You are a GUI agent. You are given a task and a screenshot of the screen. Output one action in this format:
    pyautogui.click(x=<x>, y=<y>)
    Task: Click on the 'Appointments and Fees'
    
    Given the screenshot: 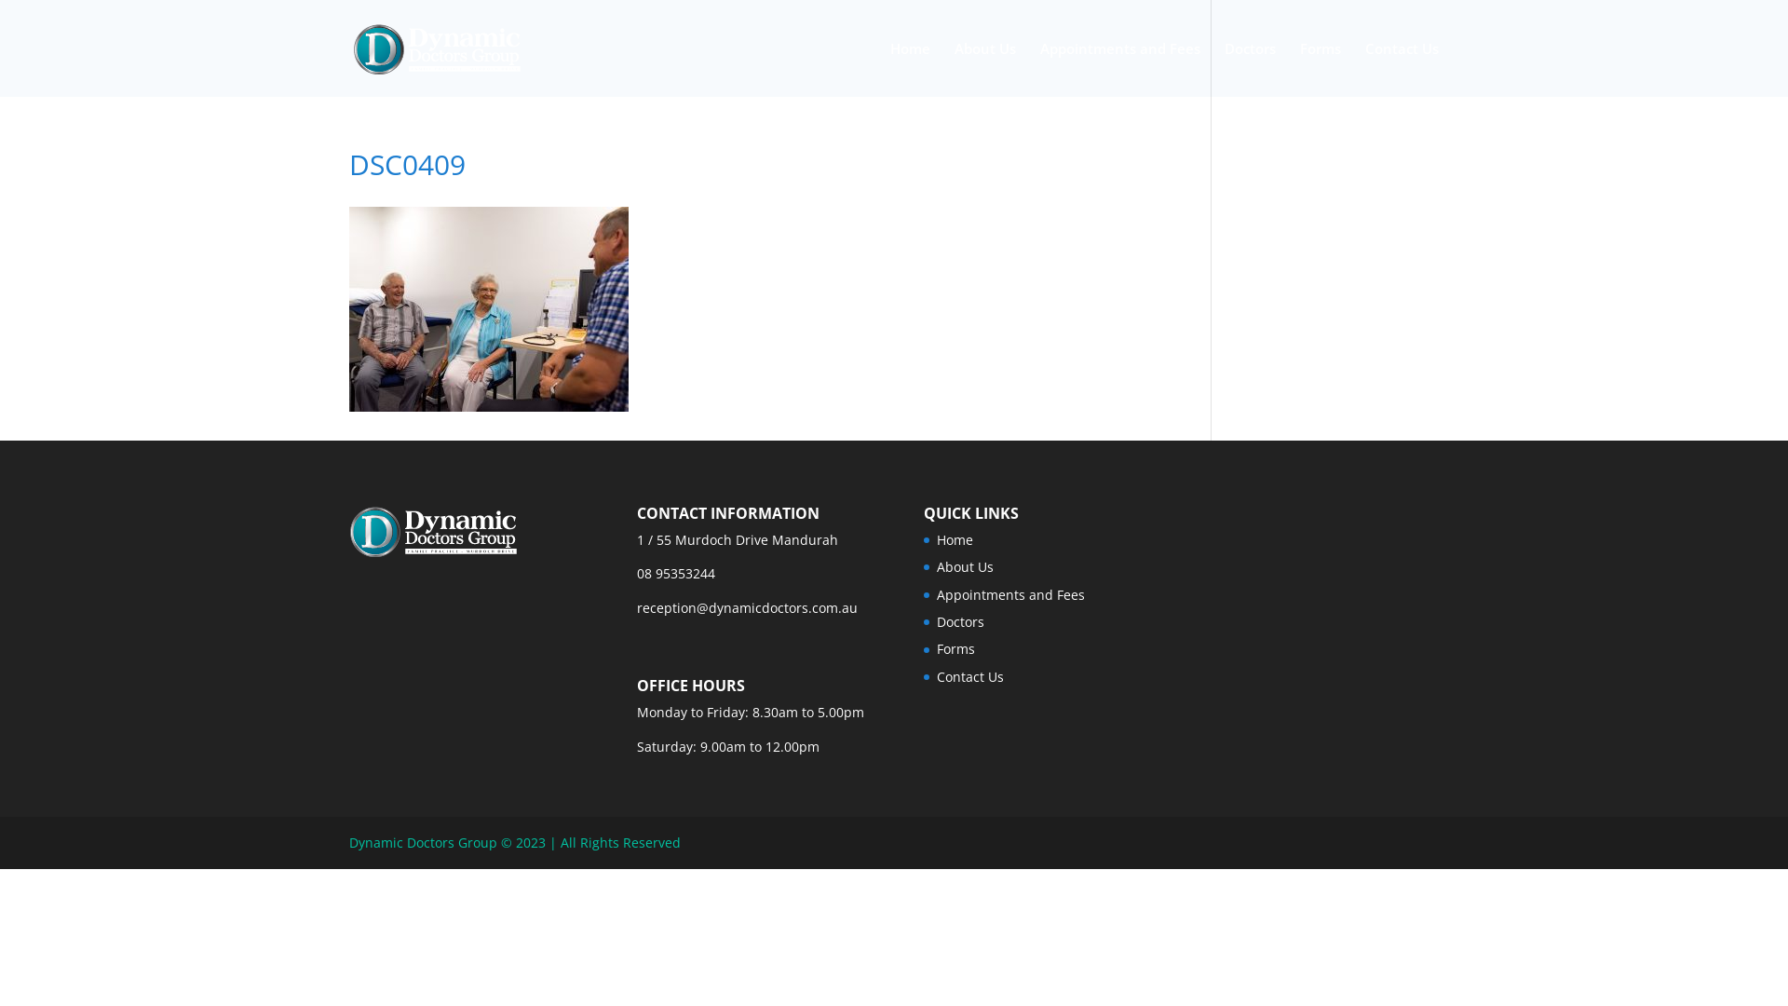 What is the action you would take?
    pyautogui.click(x=1009, y=594)
    